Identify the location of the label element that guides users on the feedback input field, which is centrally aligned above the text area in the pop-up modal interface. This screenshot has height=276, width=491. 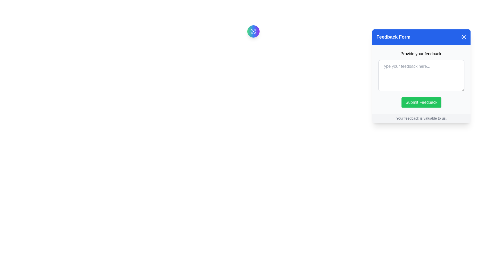
(421, 54).